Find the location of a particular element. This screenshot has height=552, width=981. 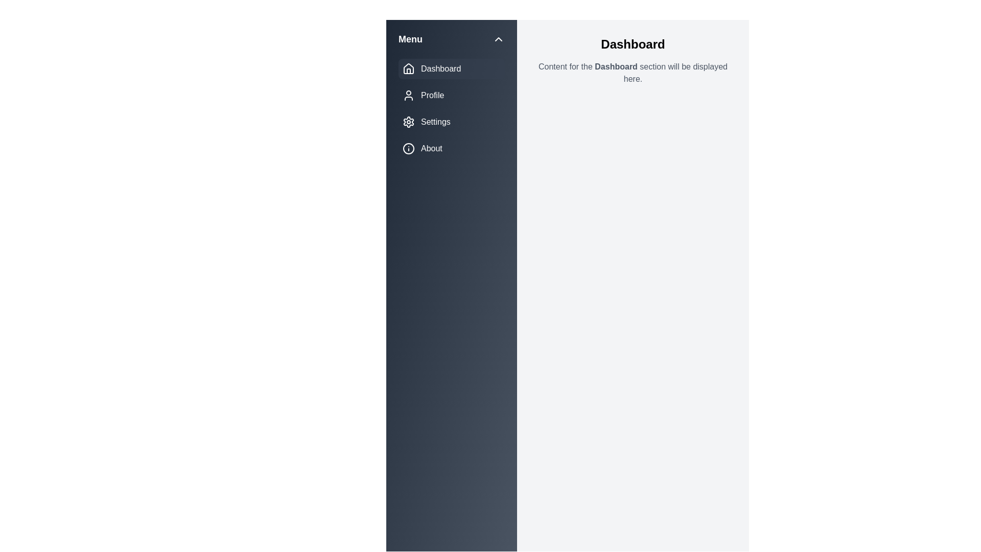

the 'Profile' text label, which is displayed in white on a dark background, located in the vertical navigation menu is located at coordinates (432, 95).